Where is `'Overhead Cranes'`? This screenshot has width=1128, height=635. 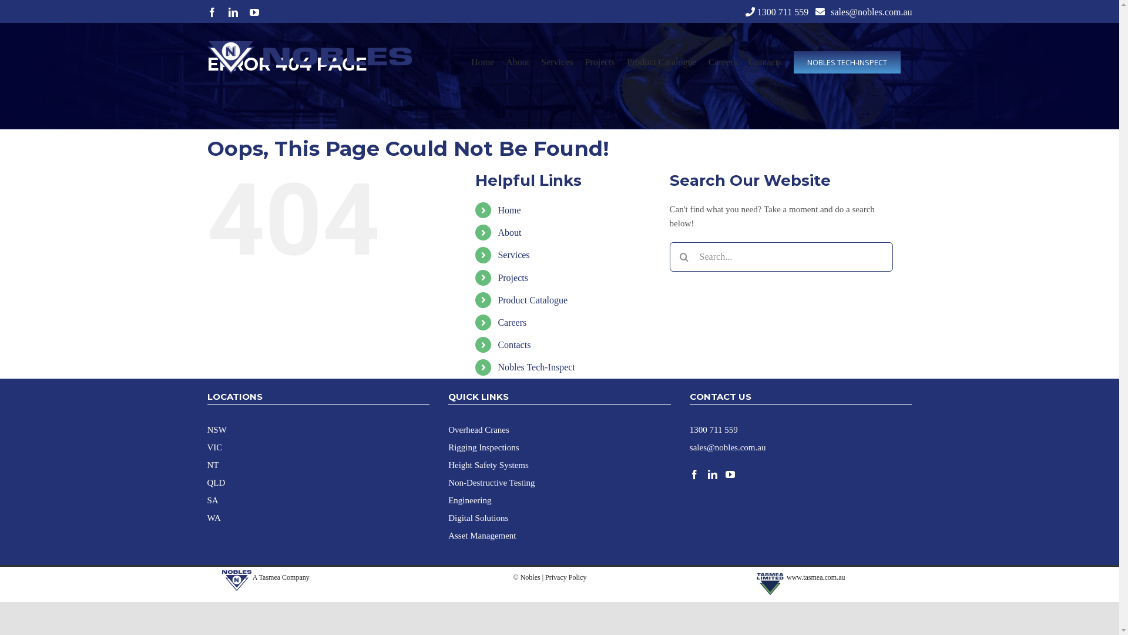 'Overhead Cranes' is located at coordinates (479, 429).